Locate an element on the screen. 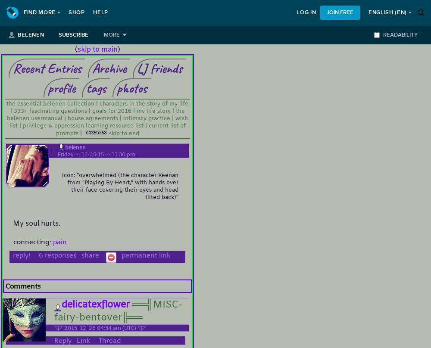 Image resolution: width=431 pixels, height=348 pixels. '(en)' is located at coordinates (401, 12).